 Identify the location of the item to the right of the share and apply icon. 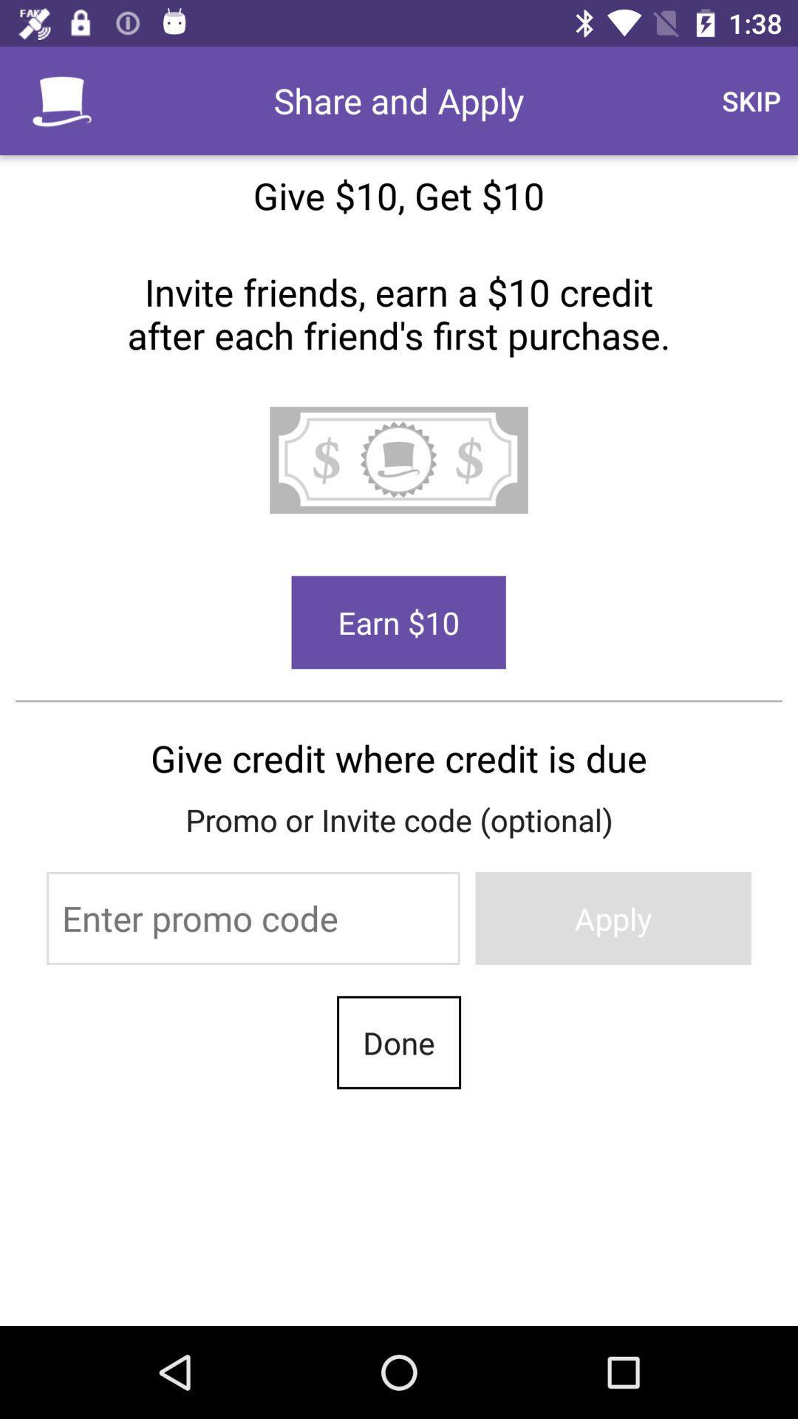
(751, 100).